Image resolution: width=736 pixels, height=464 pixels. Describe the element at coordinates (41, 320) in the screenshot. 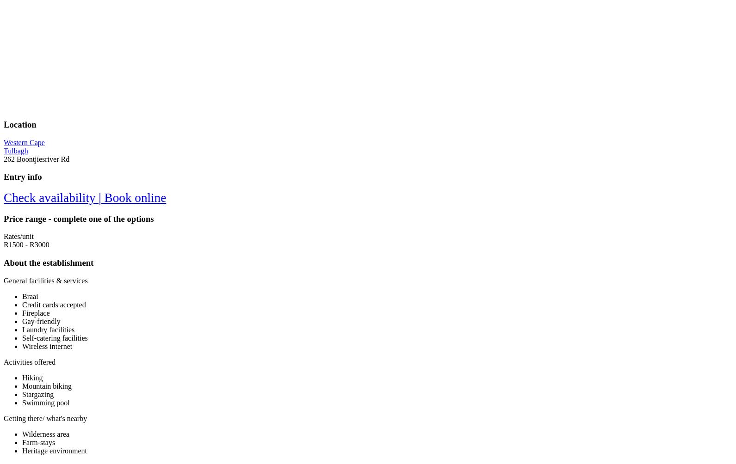

I see `'Gay-friendly'` at that location.